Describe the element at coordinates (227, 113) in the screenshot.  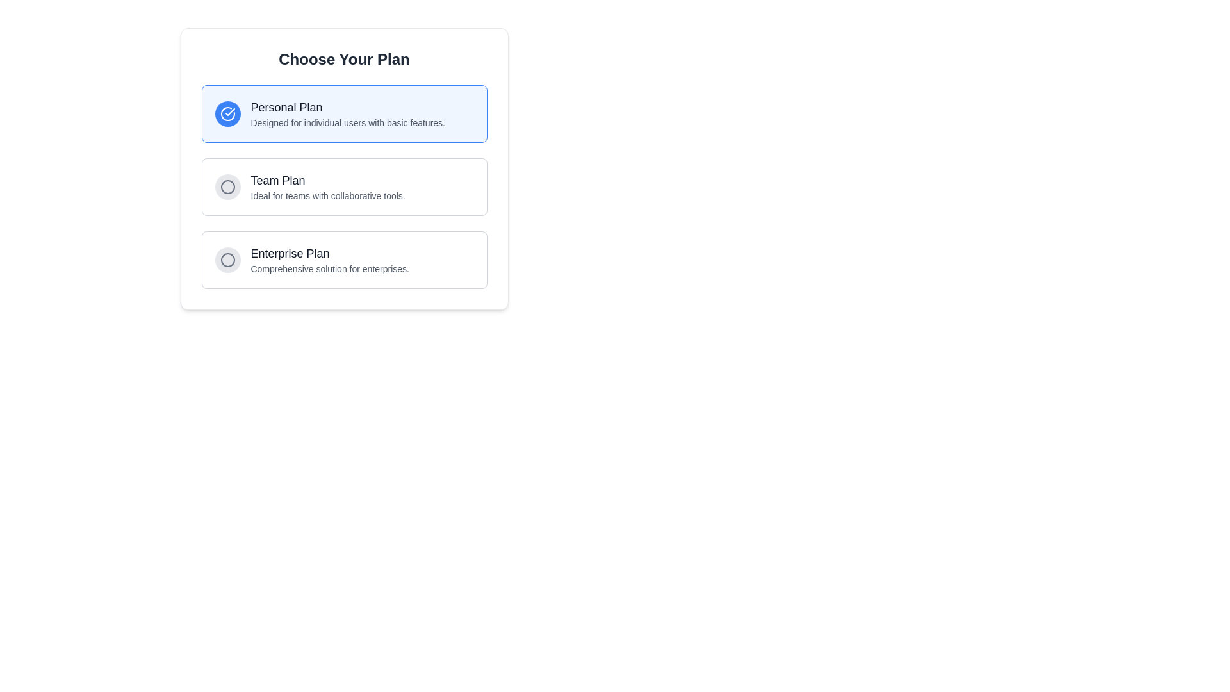
I see `the icon that indicates the currently selected plan, which is centered within the blue circular badge to the left of the 'Personal Plan' text in the 'Choose Your Plan' section` at that location.